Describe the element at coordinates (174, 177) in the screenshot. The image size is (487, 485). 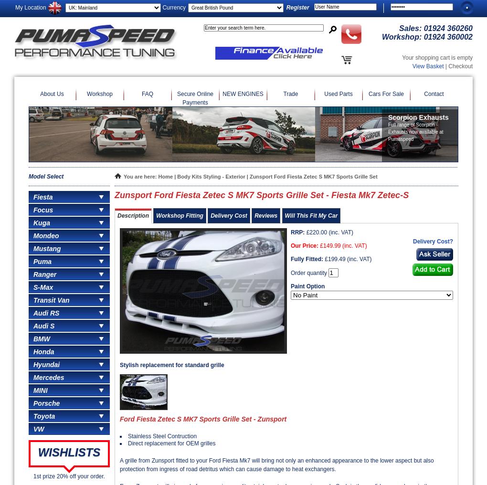
I see `'|'` at that location.